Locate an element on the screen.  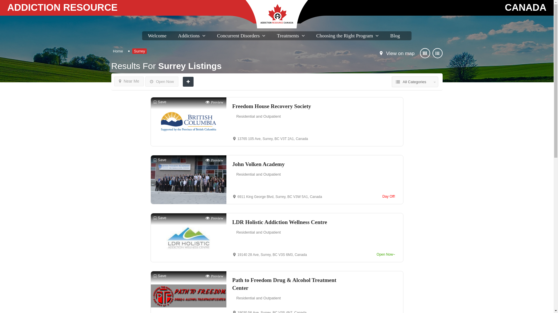
'All Categories' is located at coordinates (419, 82).